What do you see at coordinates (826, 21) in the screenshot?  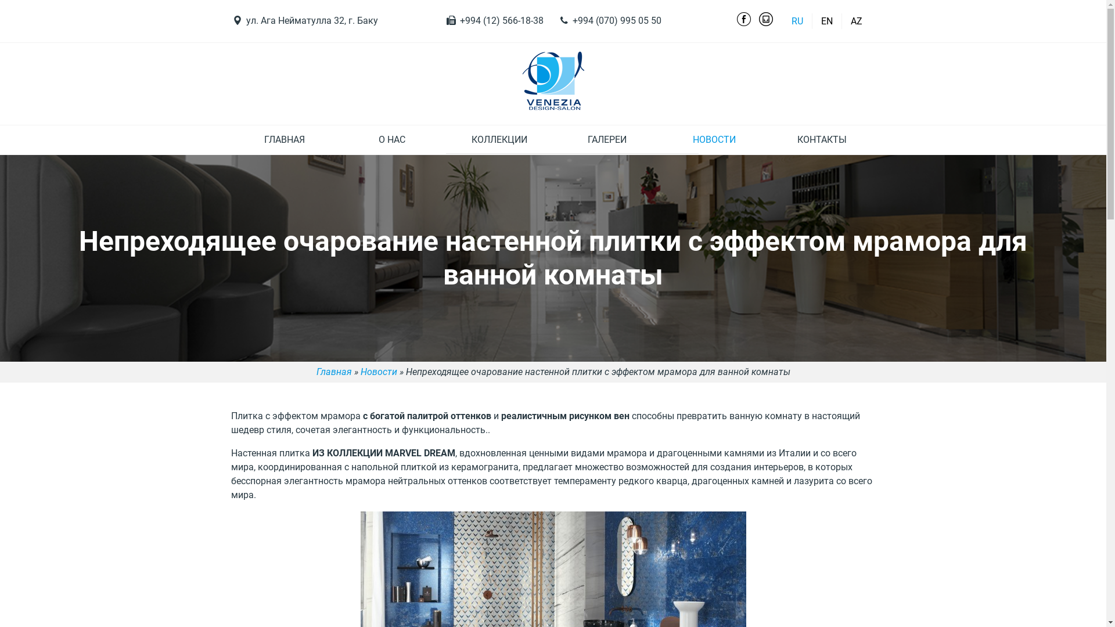 I see `'EN'` at bounding box center [826, 21].